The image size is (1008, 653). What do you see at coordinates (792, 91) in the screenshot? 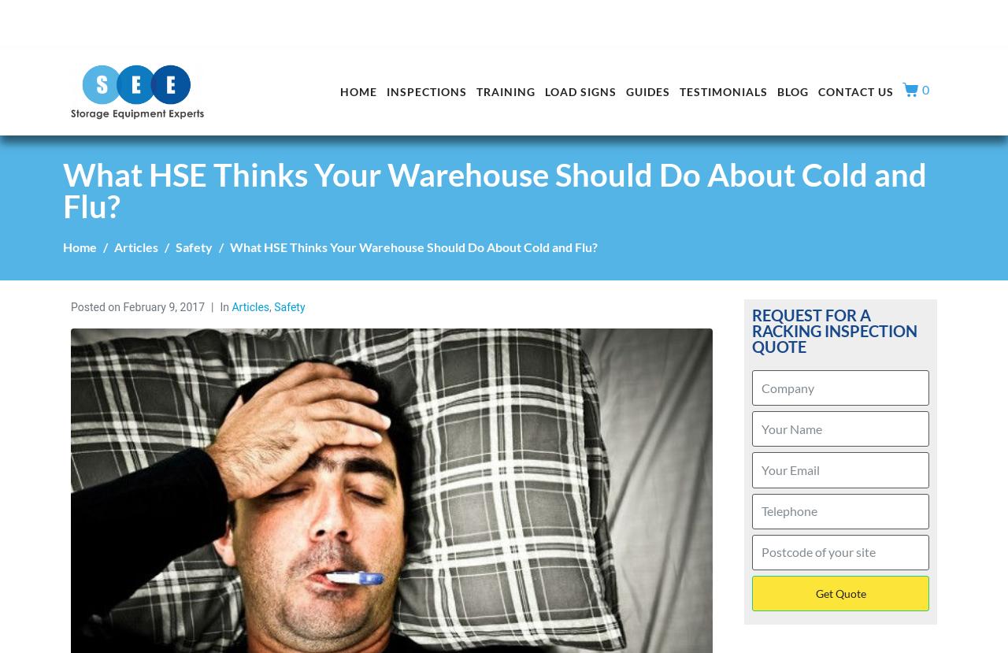
I see `'Blog'` at bounding box center [792, 91].